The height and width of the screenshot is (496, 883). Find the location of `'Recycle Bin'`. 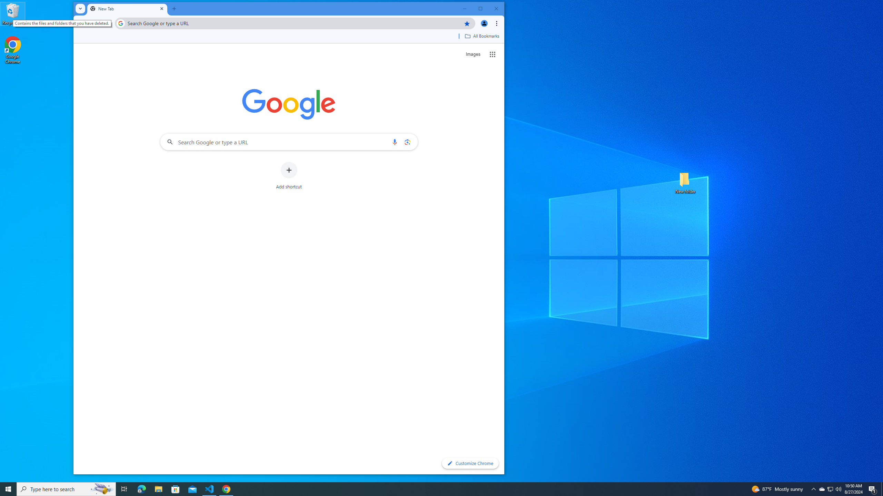

'Recycle Bin' is located at coordinates (12, 13).